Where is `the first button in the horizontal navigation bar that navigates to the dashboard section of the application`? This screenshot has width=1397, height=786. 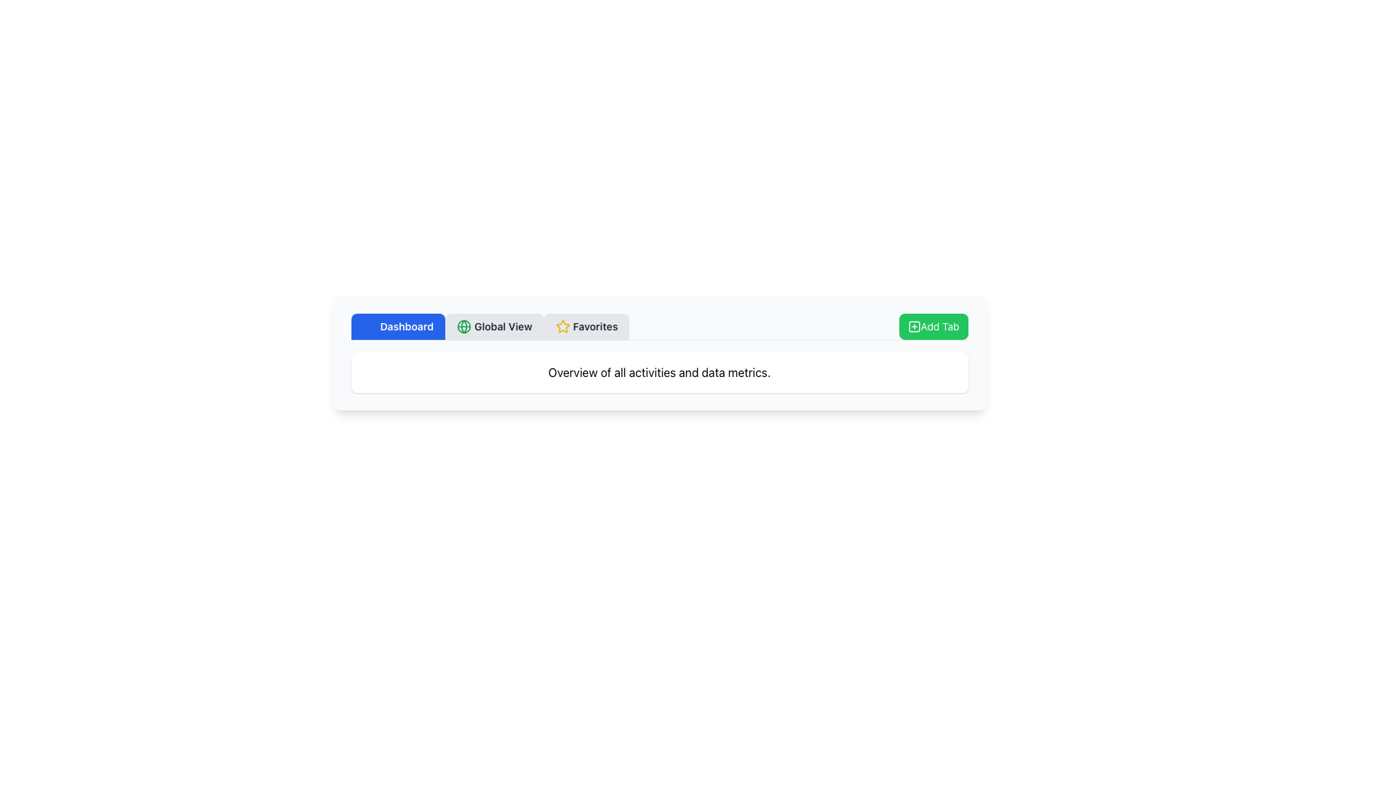
the first button in the horizontal navigation bar that navigates to the dashboard section of the application is located at coordinates (398, 325).